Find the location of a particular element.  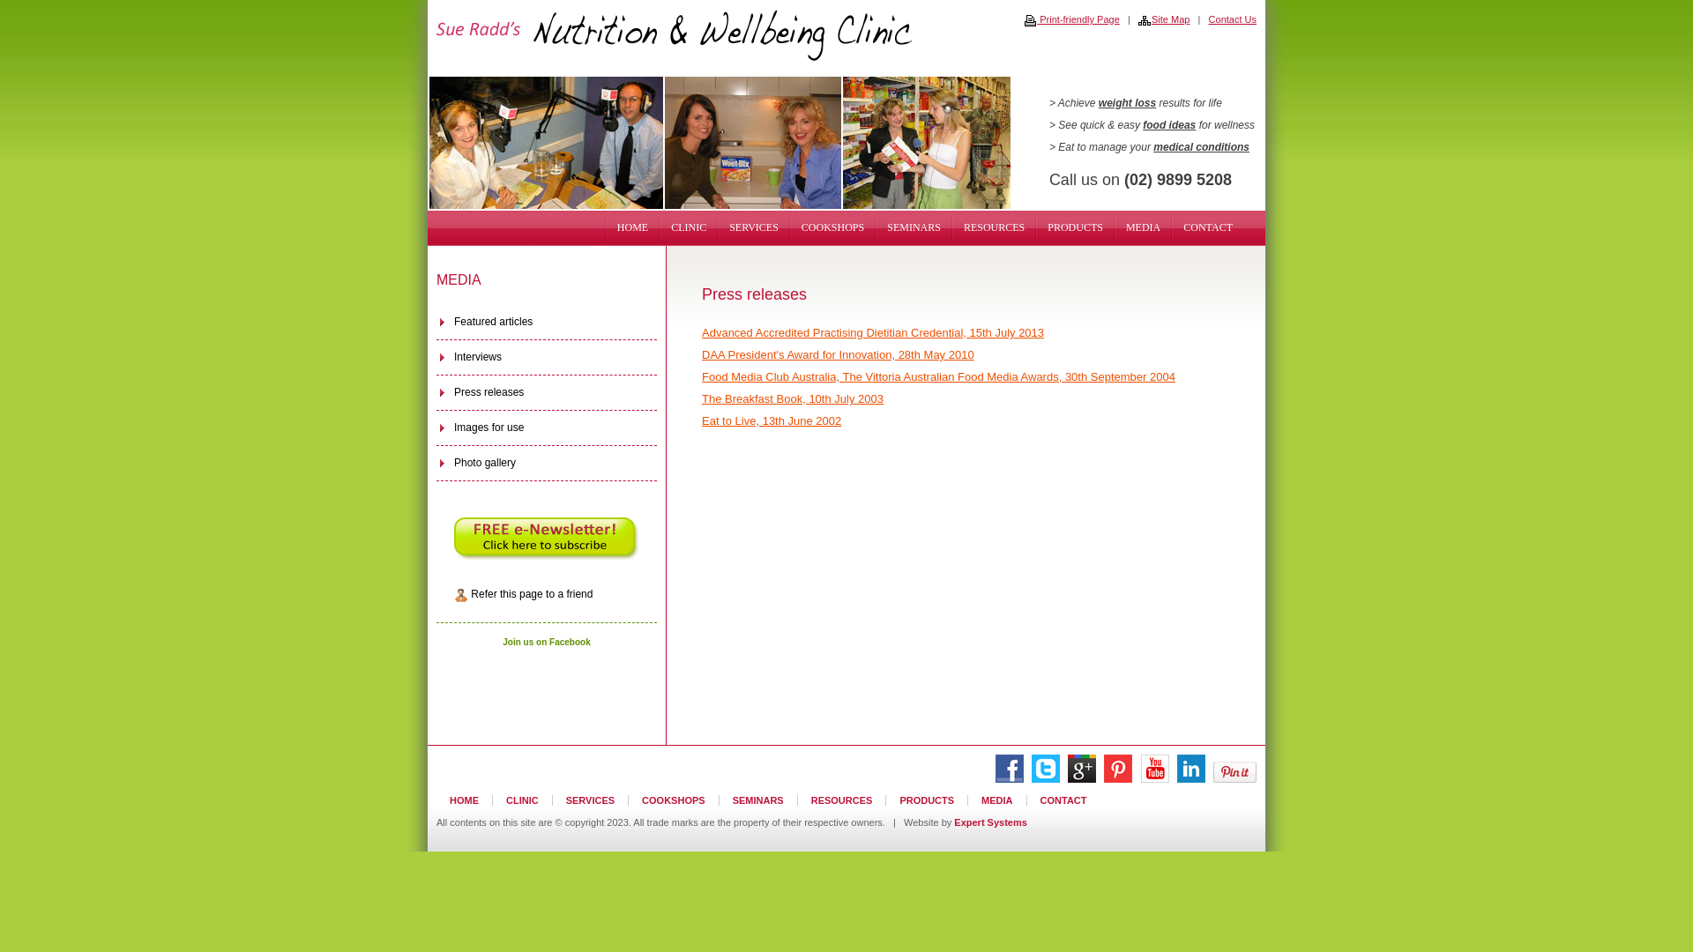

'Eat to Live, 13th June 2002' is located at coordinates (771, 420).